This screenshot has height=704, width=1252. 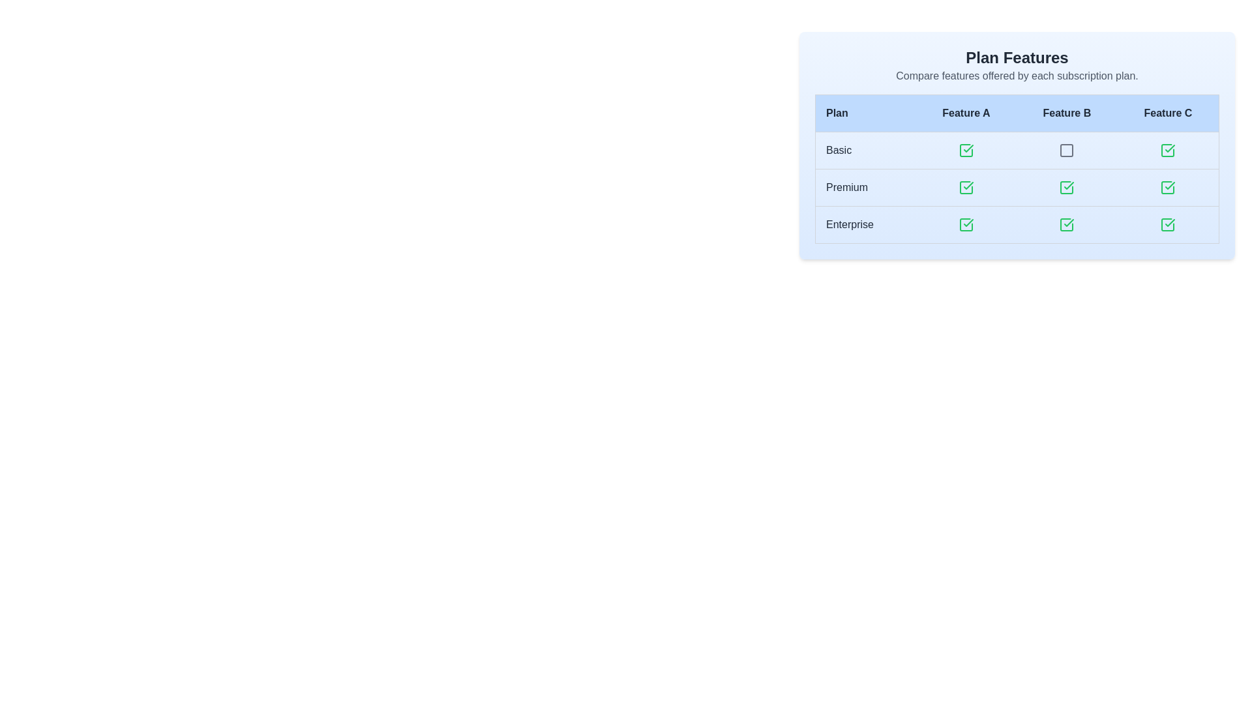 I want to click on the visual indicator for 'Feature C' in the 'Premium' subscription plan, located in the third column of the second row of the table, so click(x=1168, y=188).